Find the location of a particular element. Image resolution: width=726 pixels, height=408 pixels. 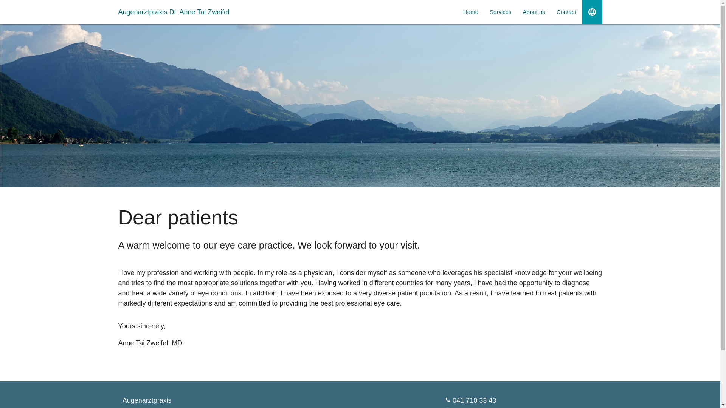

'Augenarztpraxis Dr. Anne Tai Zweifel' is located at coordinates (118, 12).